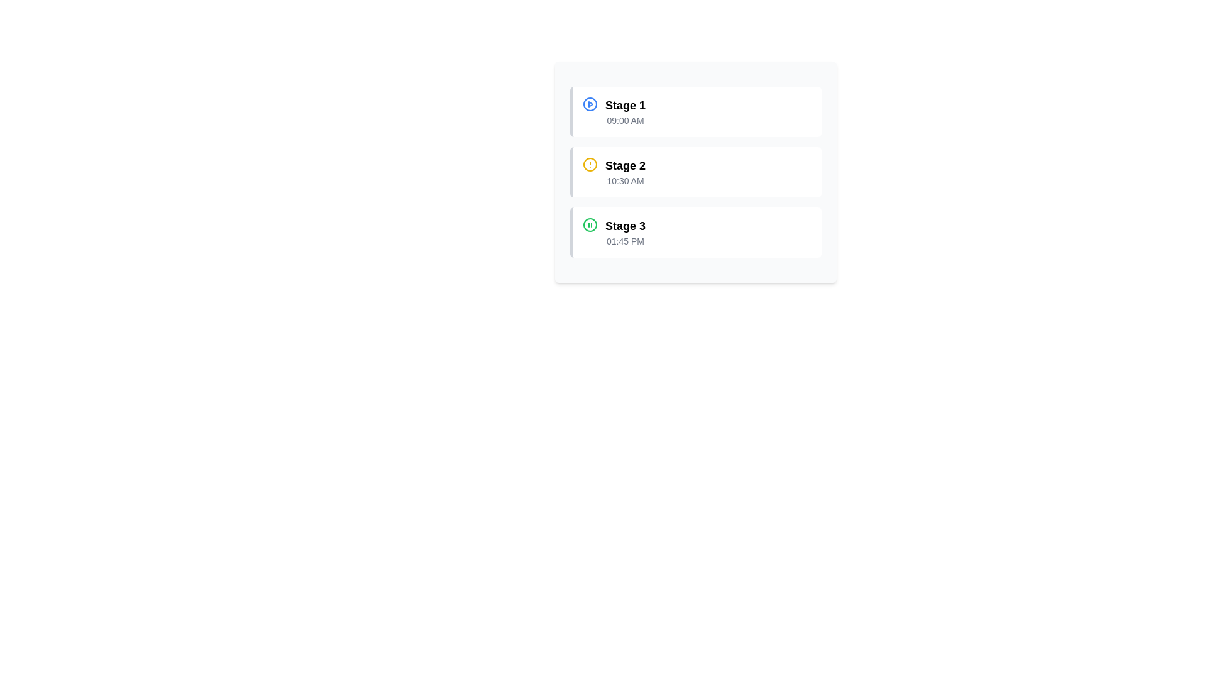  What do you see at coordinates (590, 164) in the screenshot?
I see `the circular alert icon with a yellow outline and an exclamation mark located at the top left corner of the 'Stage 2' row` at bounding box center [590, 164].